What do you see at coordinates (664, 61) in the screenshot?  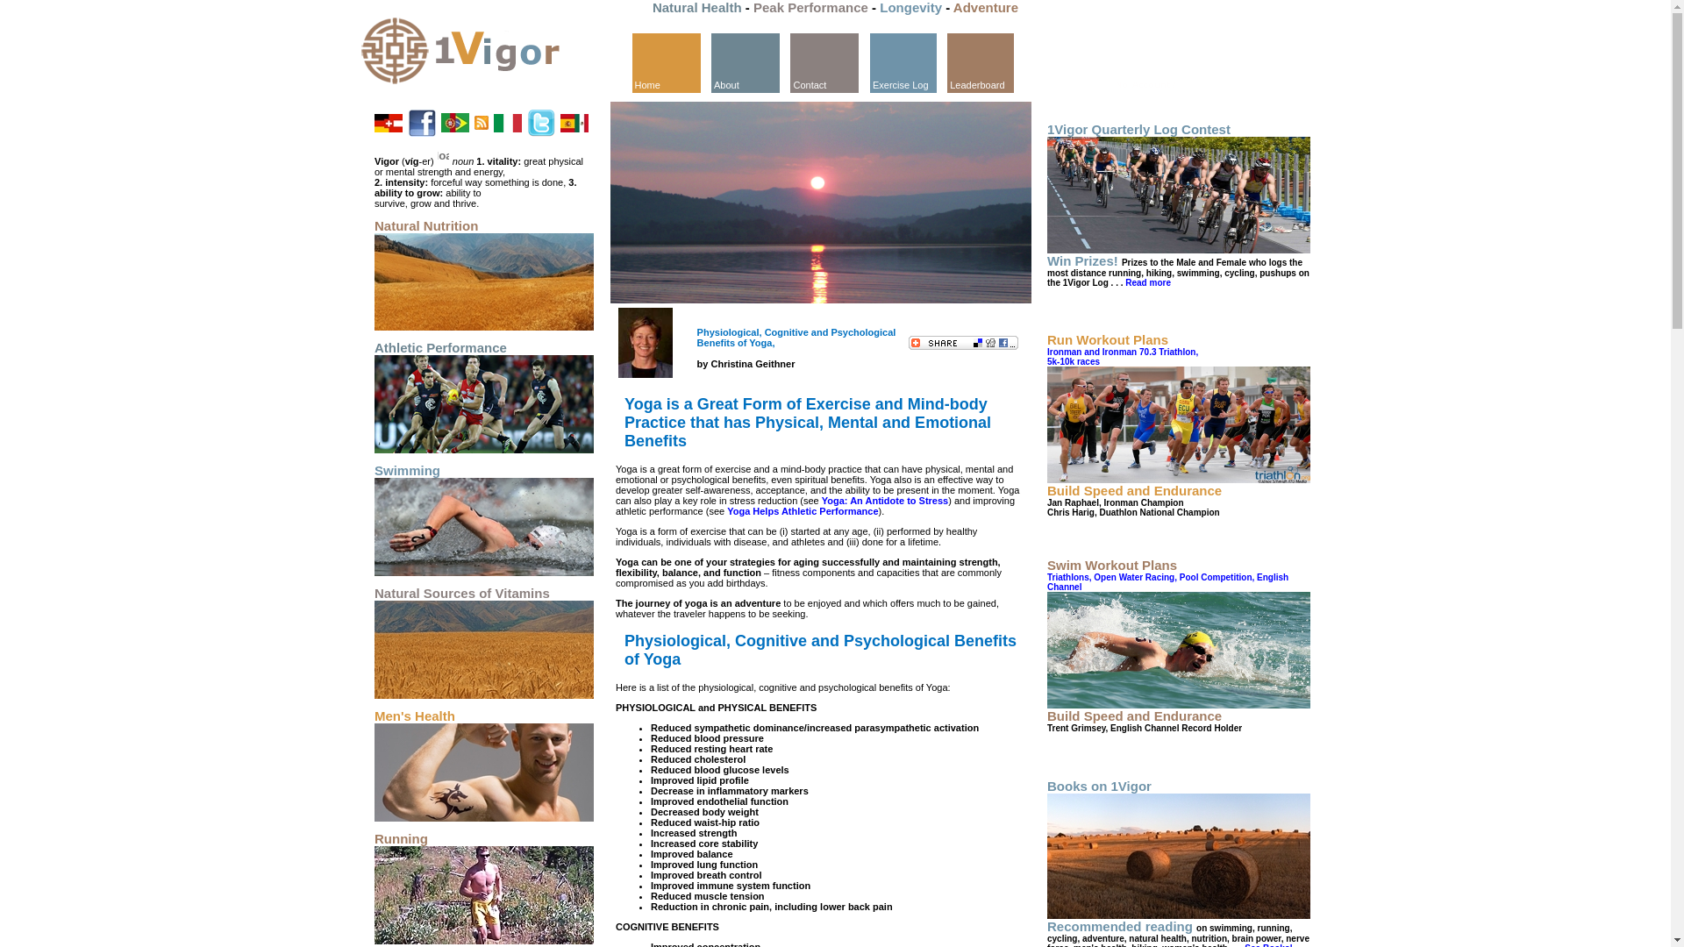 I see `'Home'` at bounding box center [664, 61].